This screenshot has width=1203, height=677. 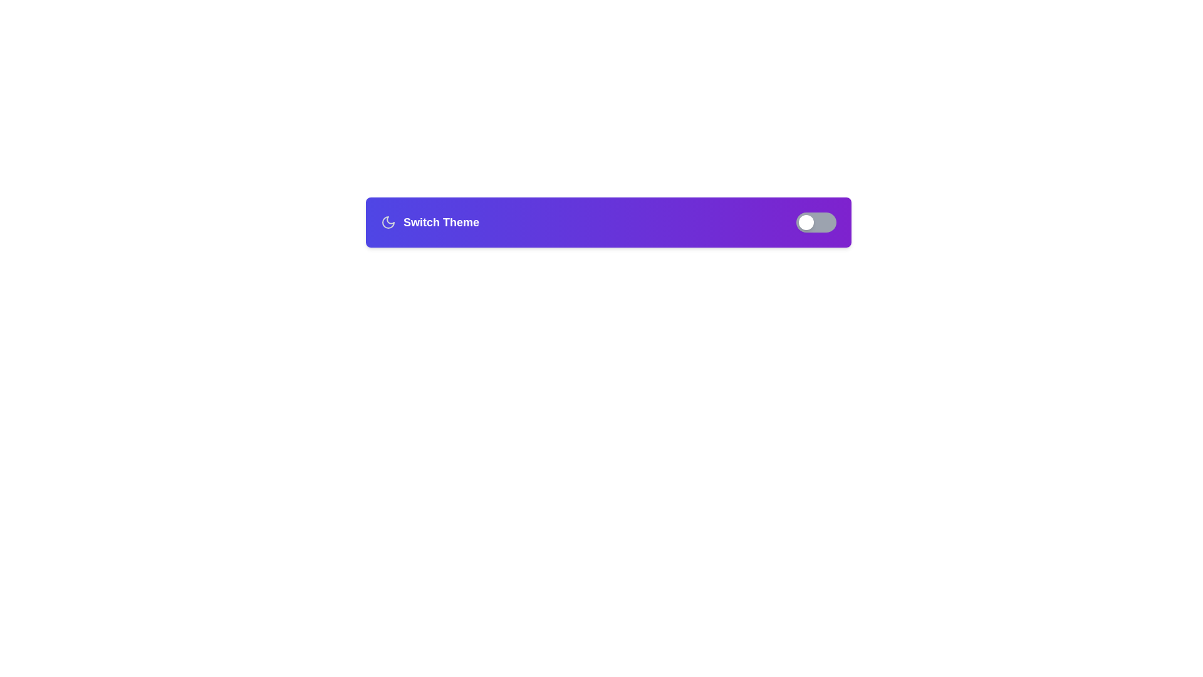 I want to click on the 'Switch Theme' label with a moon icon, which is styled with a bold font and has a gradient background transitioning from indigo to purple, so click(x=430, y=221).